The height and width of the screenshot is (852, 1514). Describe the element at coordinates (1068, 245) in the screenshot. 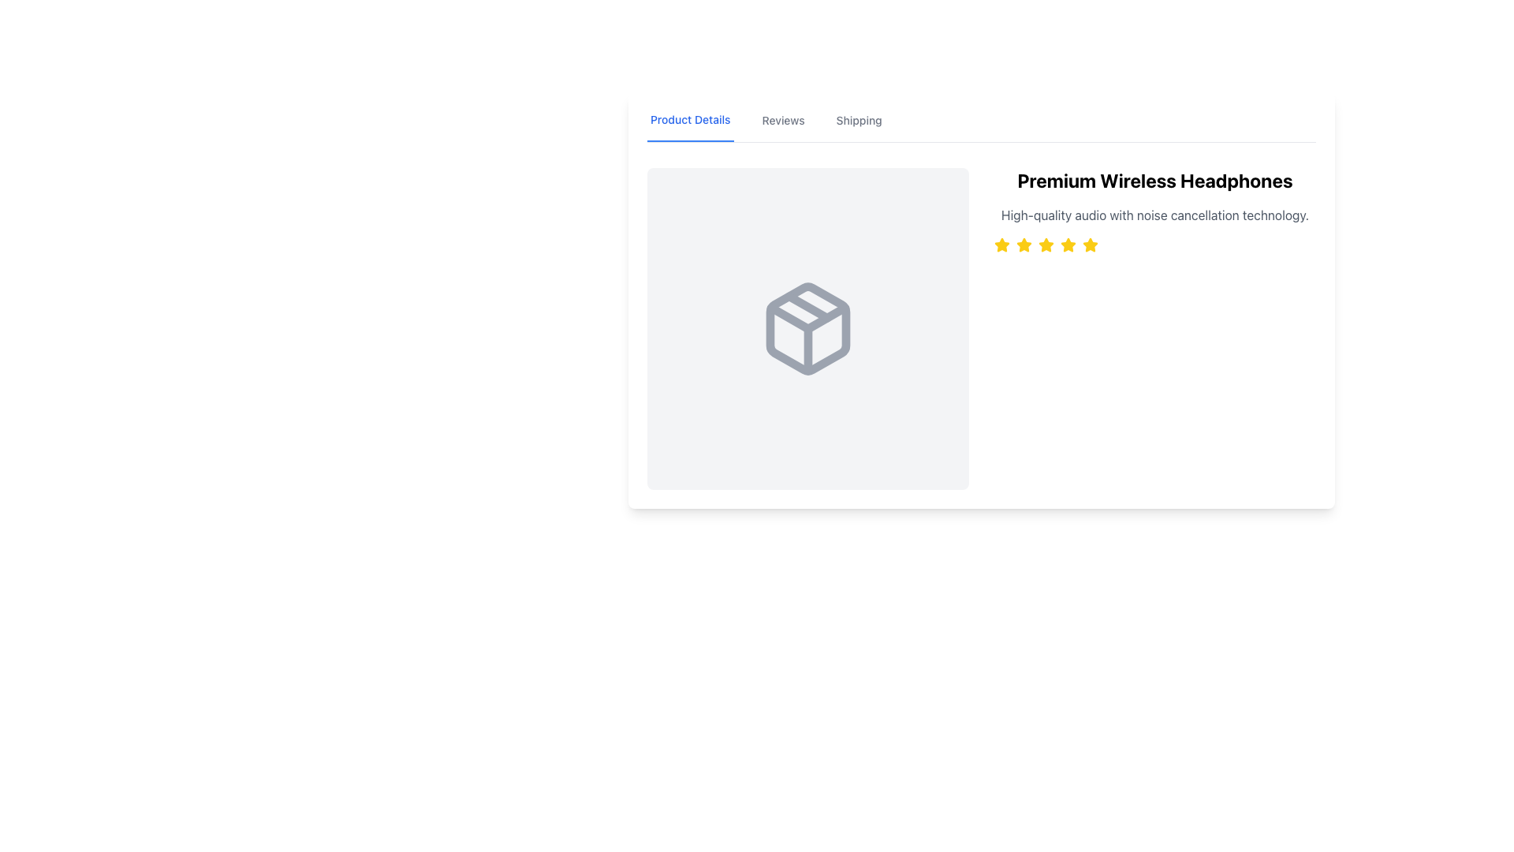

I see `the yellow star icon, which is the sixth star in the row of rating indicators for 'Premium Wireless Headphones.'` at that location.